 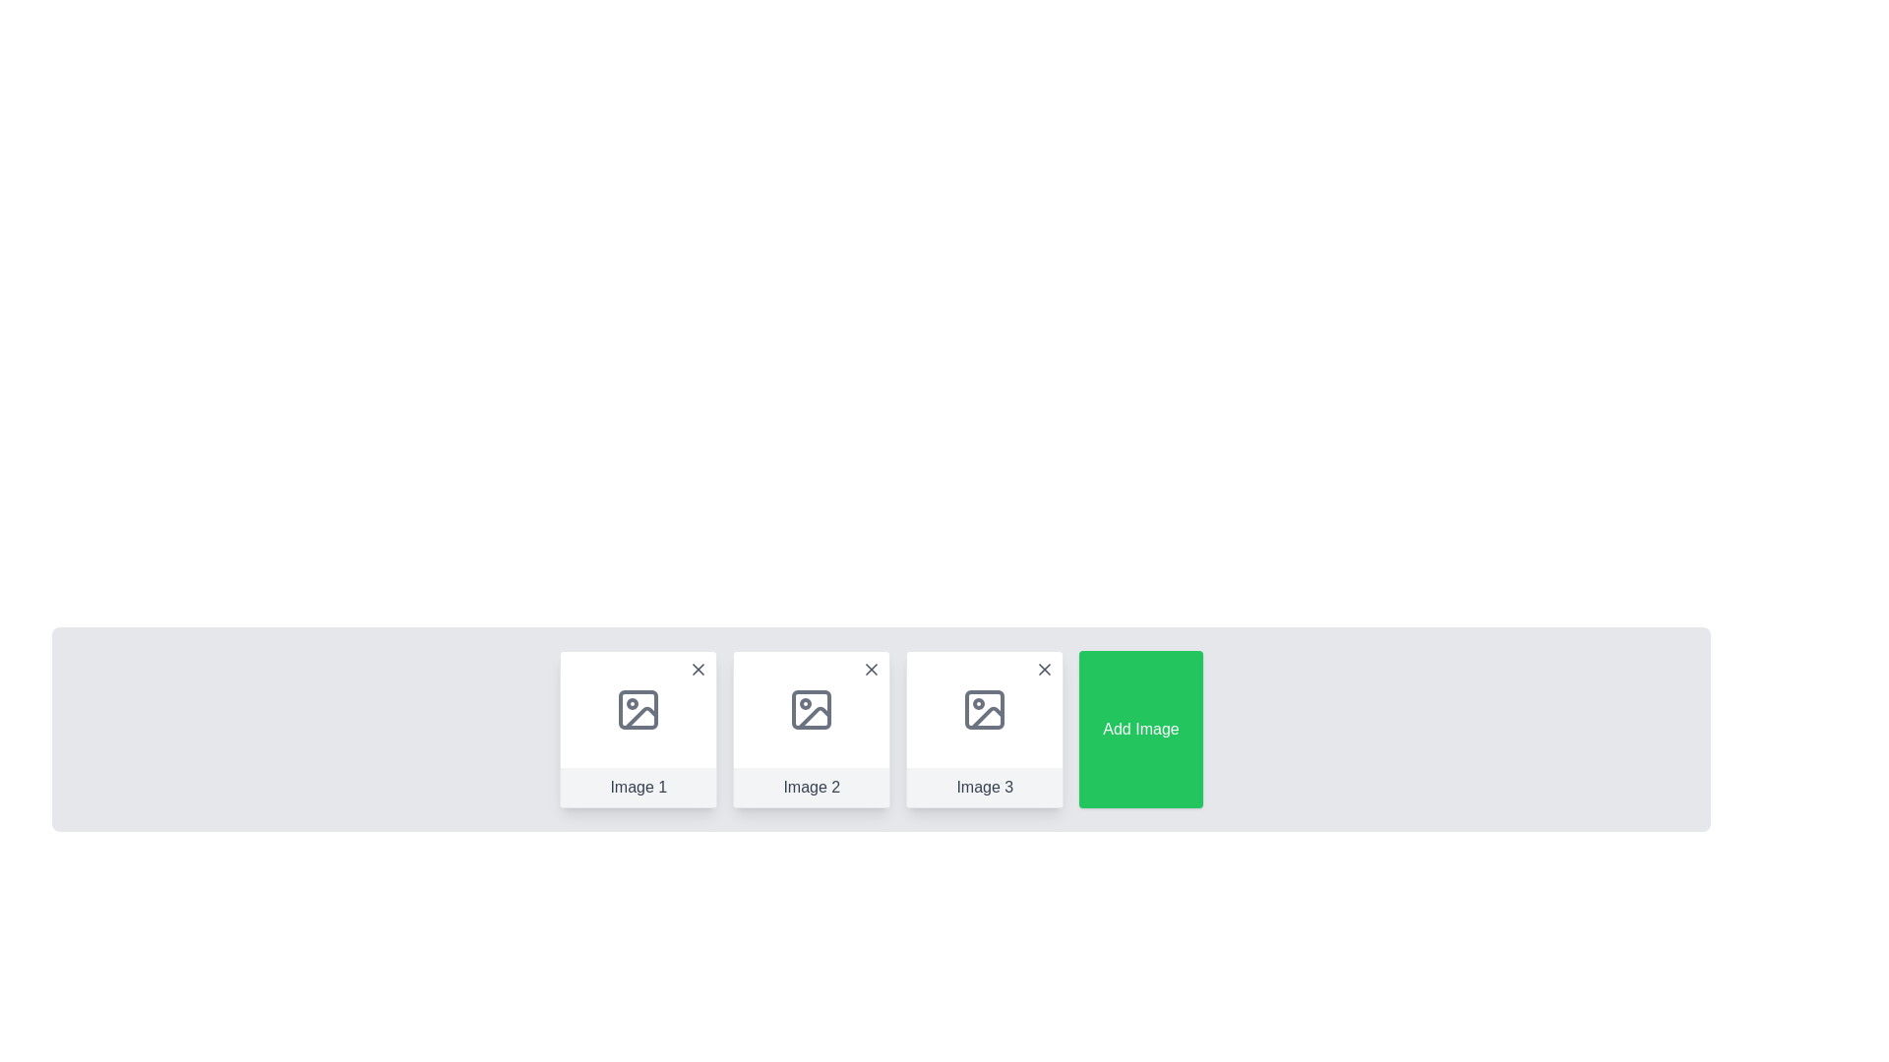 I want to click on the close button represented by a diagonal cross mark ('X') located in the top-right corner of the Image 3 thumbnail, so click(x=1044, y=669).